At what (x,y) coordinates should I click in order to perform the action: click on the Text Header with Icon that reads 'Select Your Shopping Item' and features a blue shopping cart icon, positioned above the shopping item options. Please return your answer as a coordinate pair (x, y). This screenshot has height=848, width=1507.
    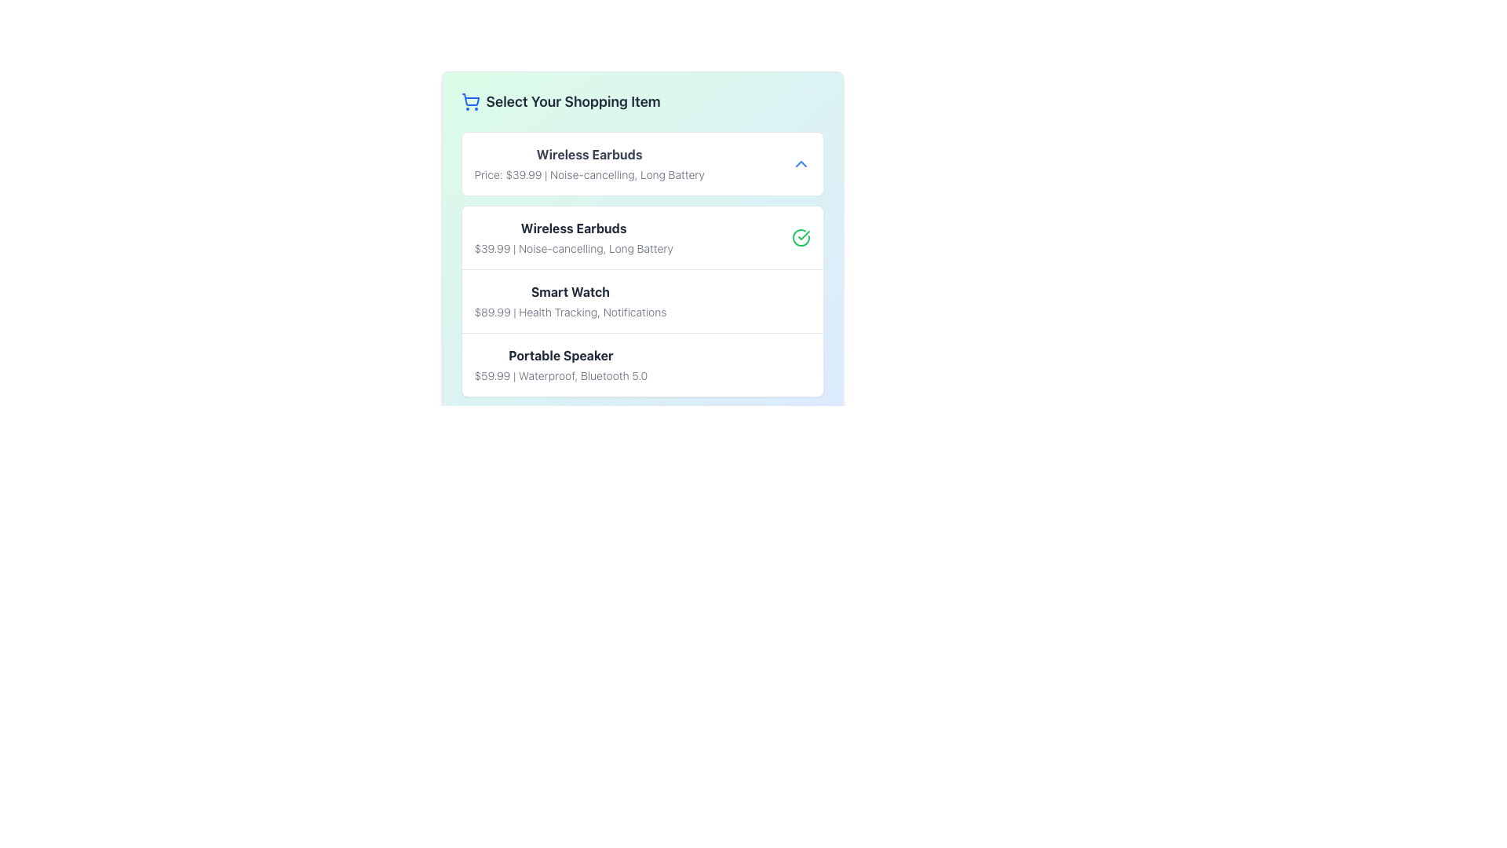
    Looking at the image, I should click on (642, 102).